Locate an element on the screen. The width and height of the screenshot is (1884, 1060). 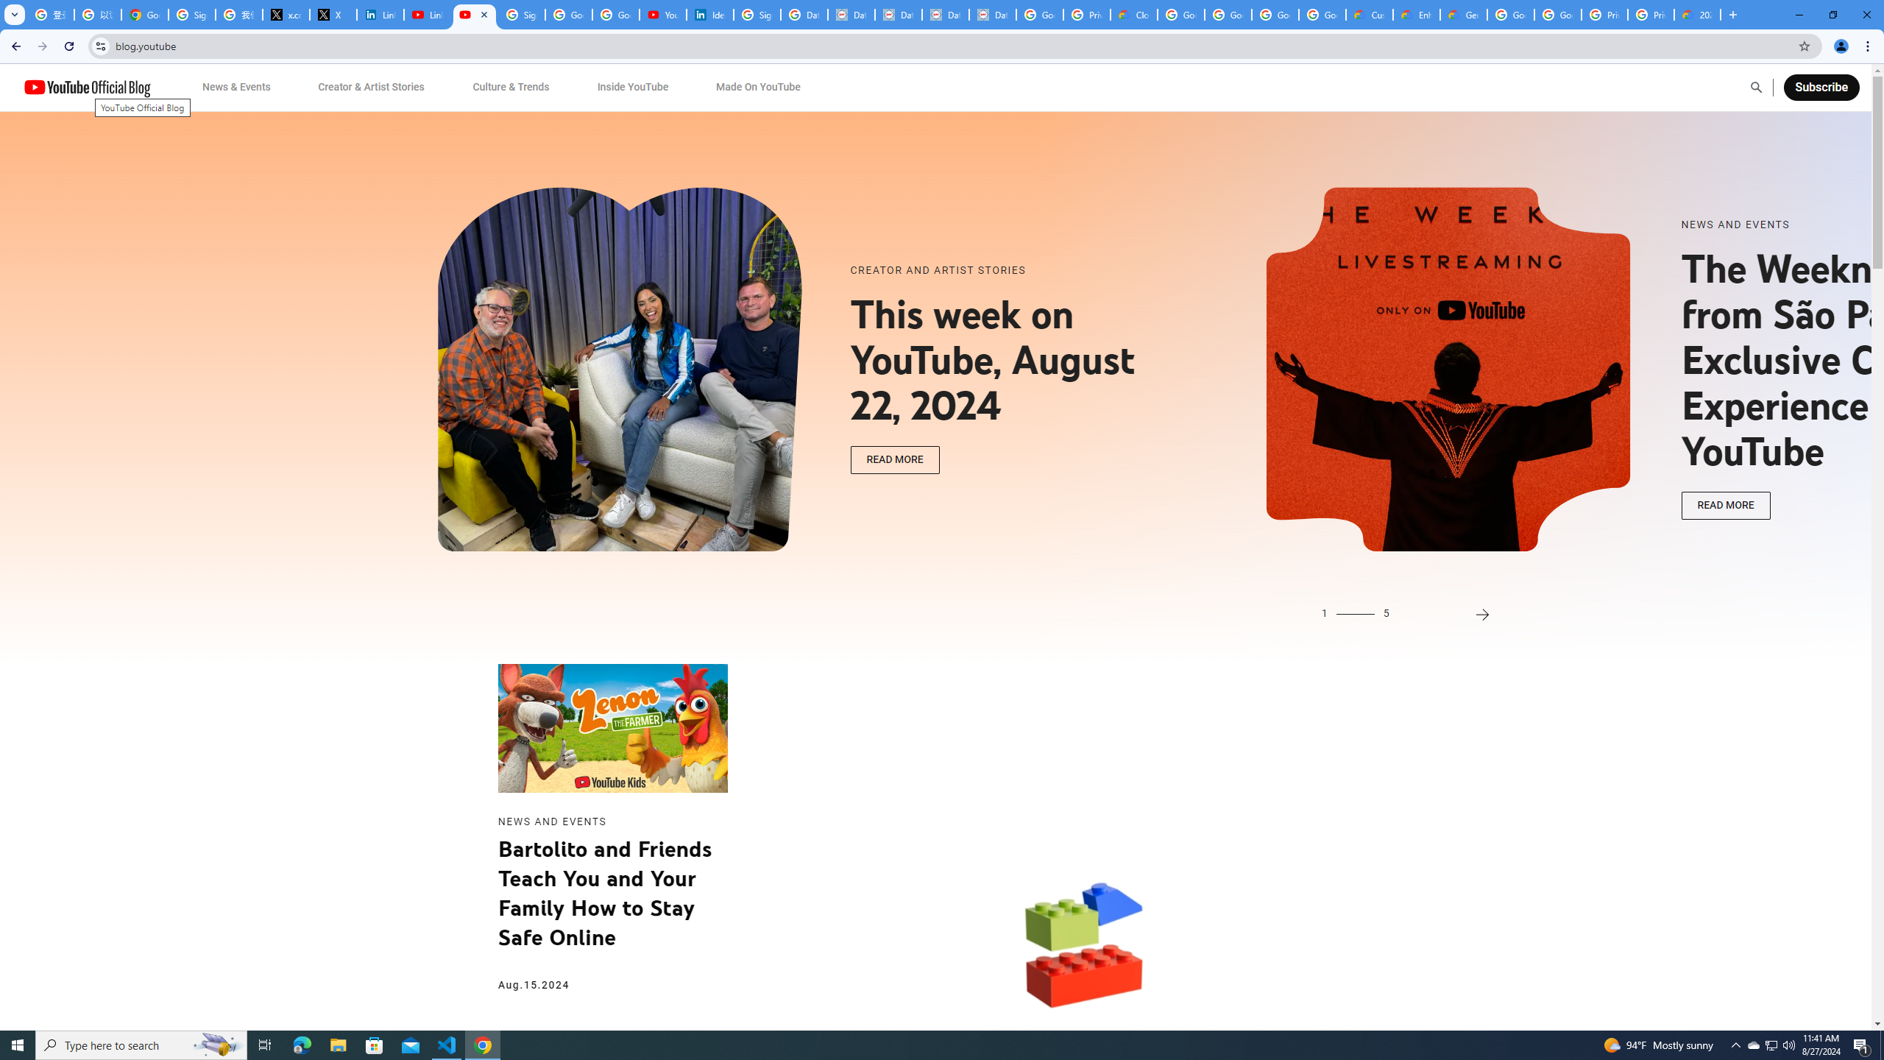
'LinkedIn Privacy Policy' is located at coordinates (380, 14).